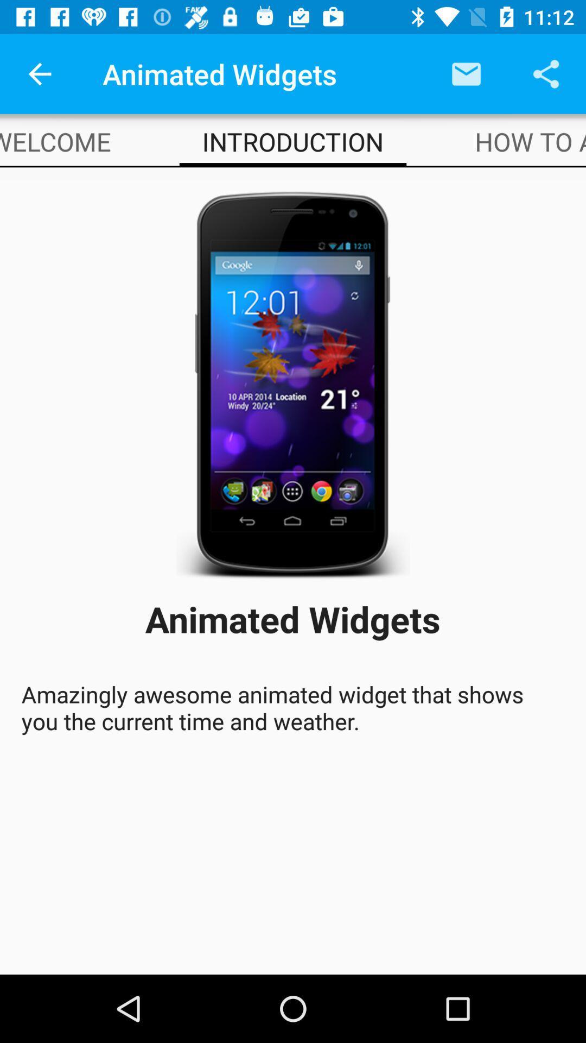 This screenshot has height=1043, width=586. What do you see at coordinates (55, 141) in the screenshot?
I see `welcome icon` at bounding box center [55, 141].